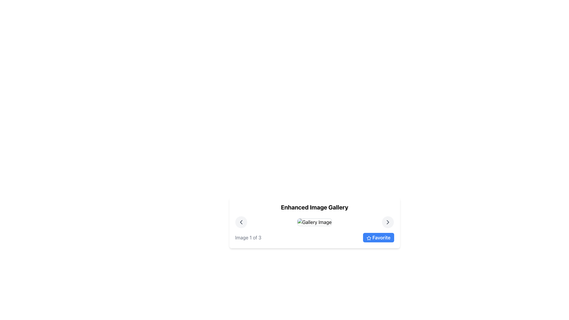 Image resolution: width=569 pixels, height=320 pixels. I want to click on the rightmost button in the gallery navigation, so click(388, 222).